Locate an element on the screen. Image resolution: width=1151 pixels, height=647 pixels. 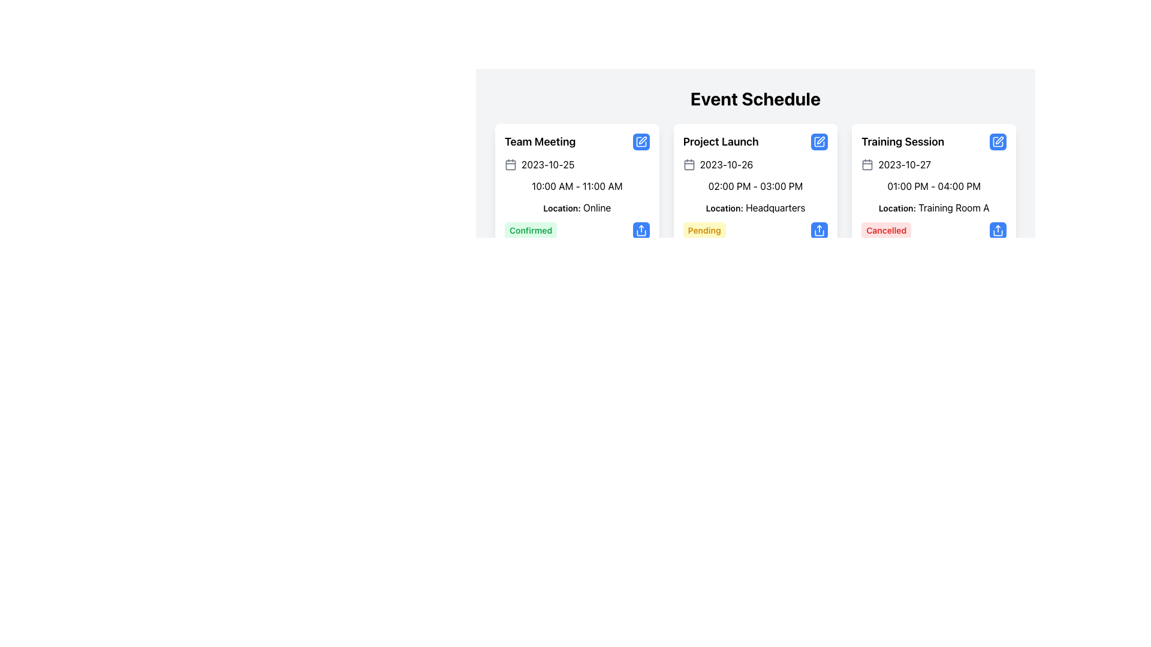
the label with red background and text reading 'Cancelled', located at the bottom-right corner of the 'Training Session' card is located at coordinates (886, 231).